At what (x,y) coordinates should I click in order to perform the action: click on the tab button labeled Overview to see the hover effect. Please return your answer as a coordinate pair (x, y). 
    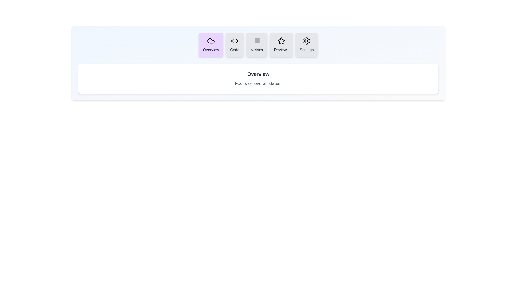
    Looking at the image, I should click on (211, 45).